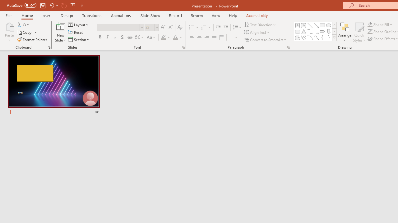 The width and height of the screenshot is (398, 223). I want to click on 'Freeform: Shape', so click(297, 38).